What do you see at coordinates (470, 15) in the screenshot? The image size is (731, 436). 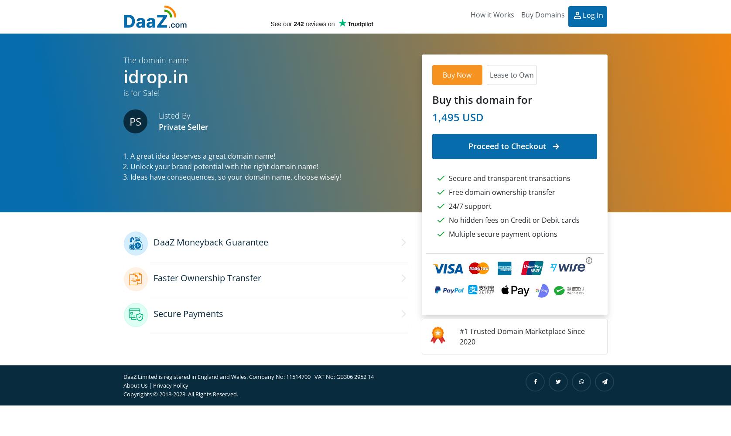 I see `'How it
Works'` at bounding box center [470, 15].